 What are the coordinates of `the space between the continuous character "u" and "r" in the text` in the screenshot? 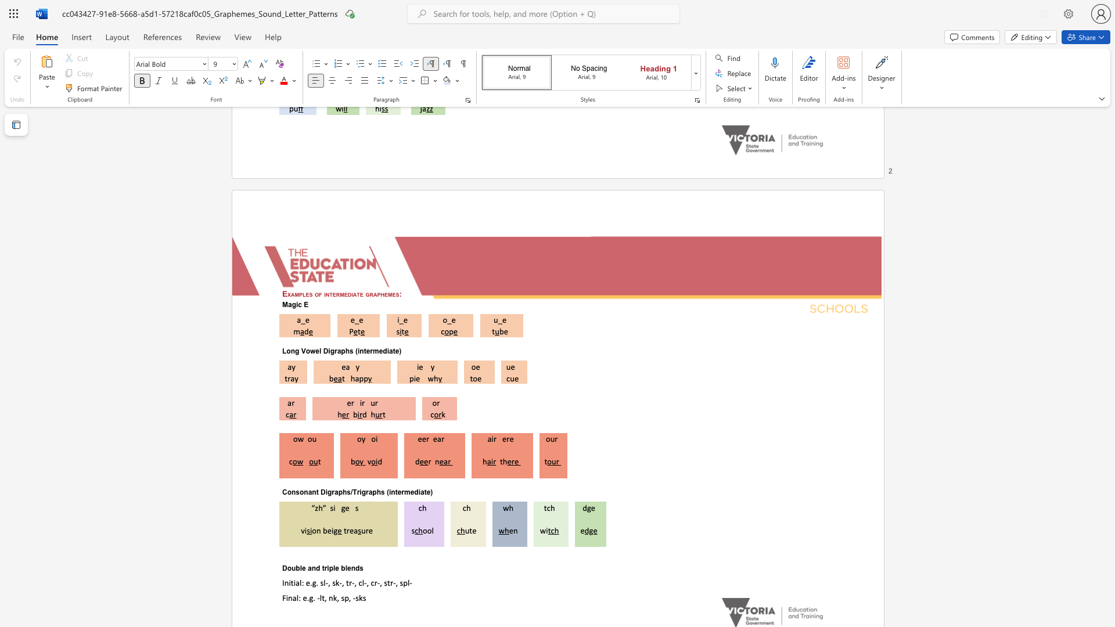 It's located at (375, 402).